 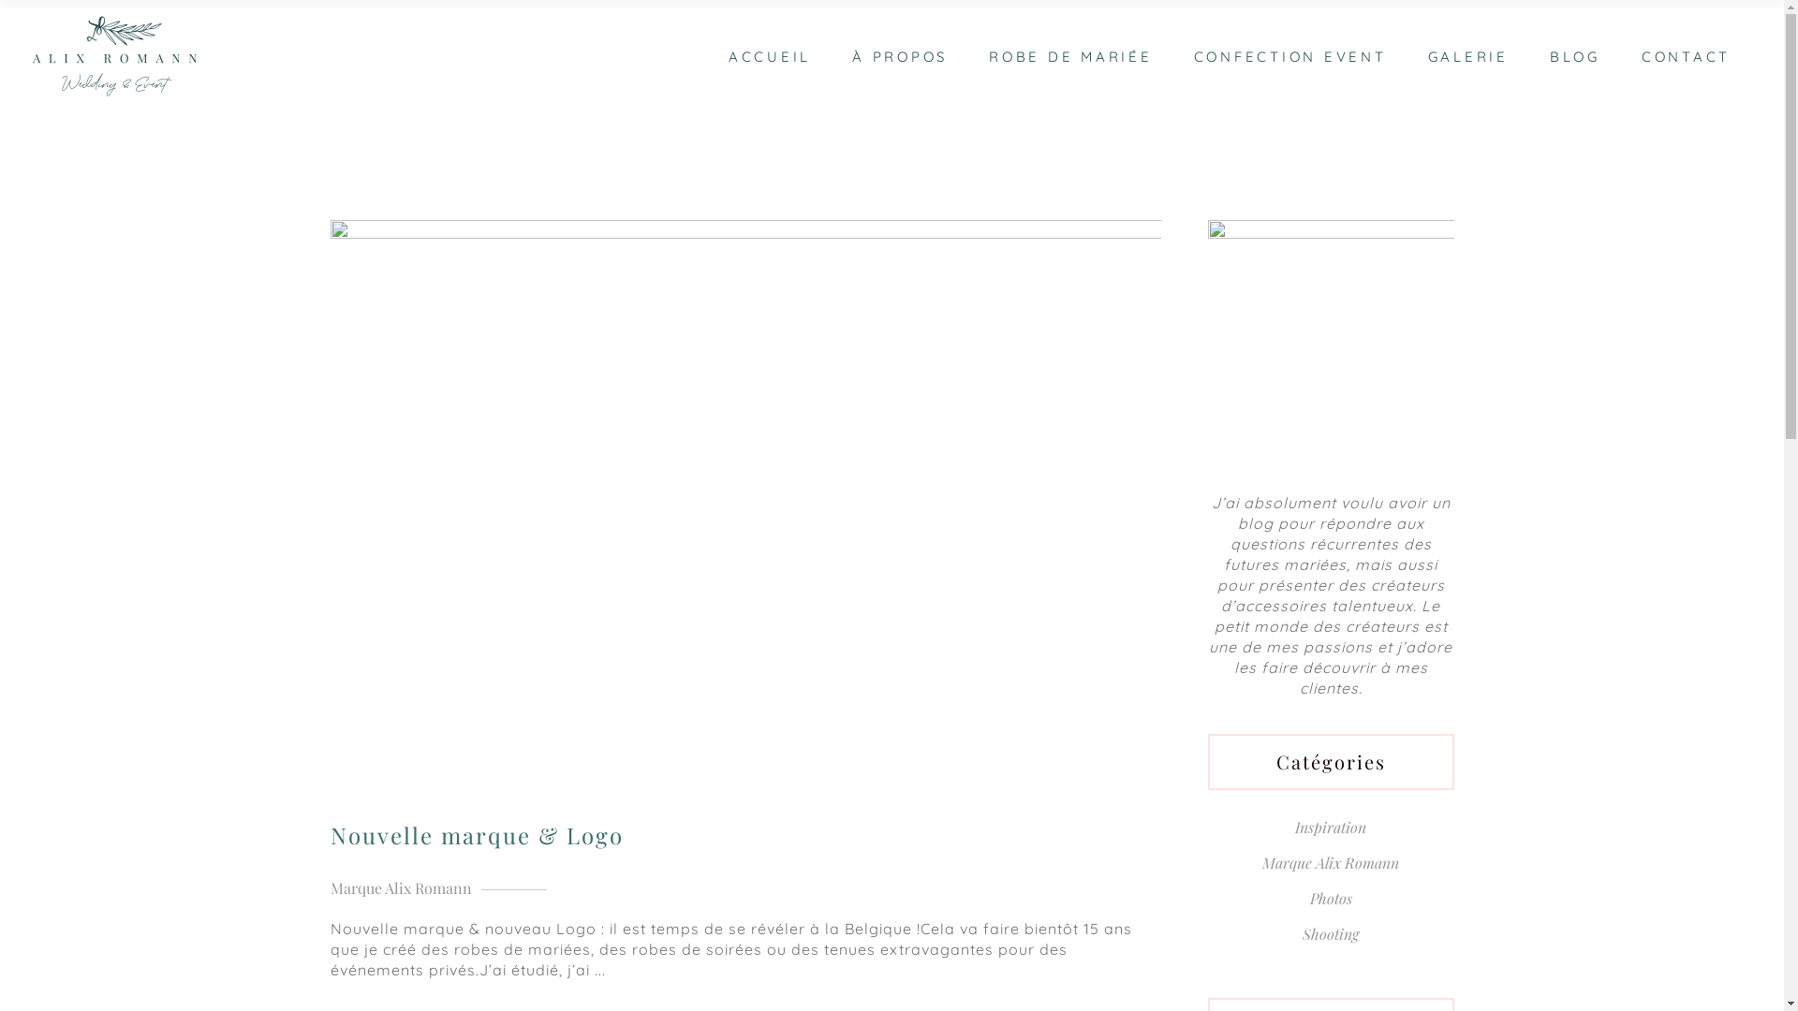 What do you see at coordinates (744, 496) in the screenshot?
I see `'Nouvelle marque & Logo'` at bounding box center [744, 496].